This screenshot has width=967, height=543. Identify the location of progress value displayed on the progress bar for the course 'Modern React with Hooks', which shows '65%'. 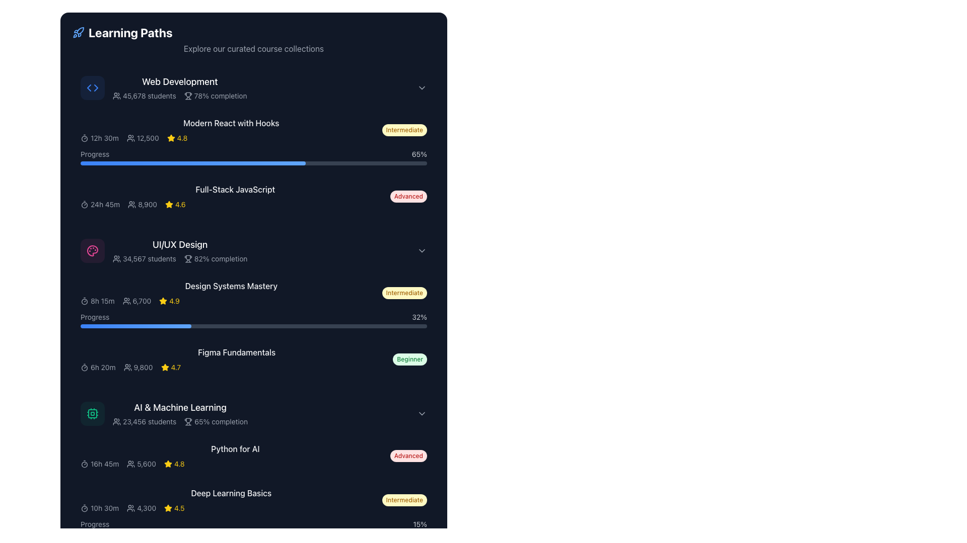
(254, 157).